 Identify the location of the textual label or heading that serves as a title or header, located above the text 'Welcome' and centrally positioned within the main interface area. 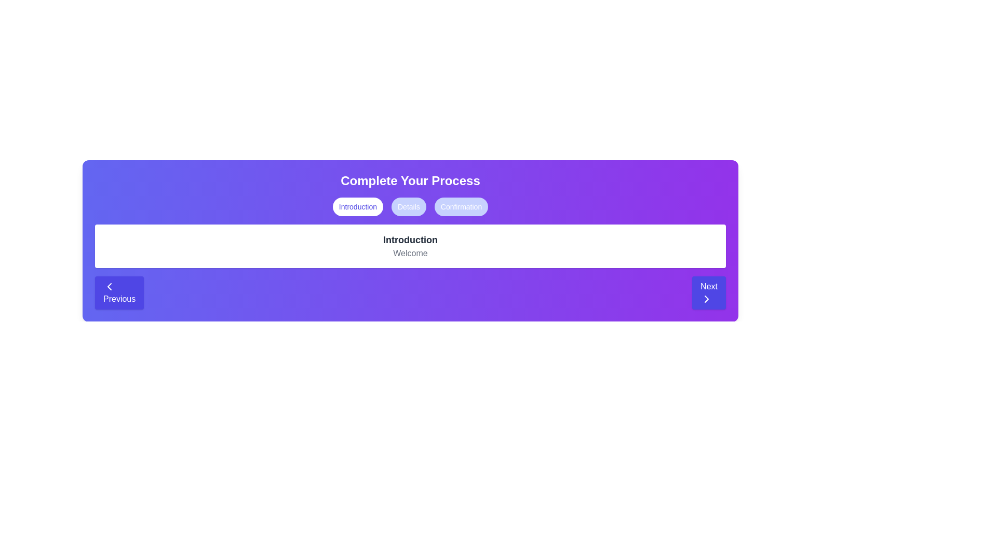
(410, 240).